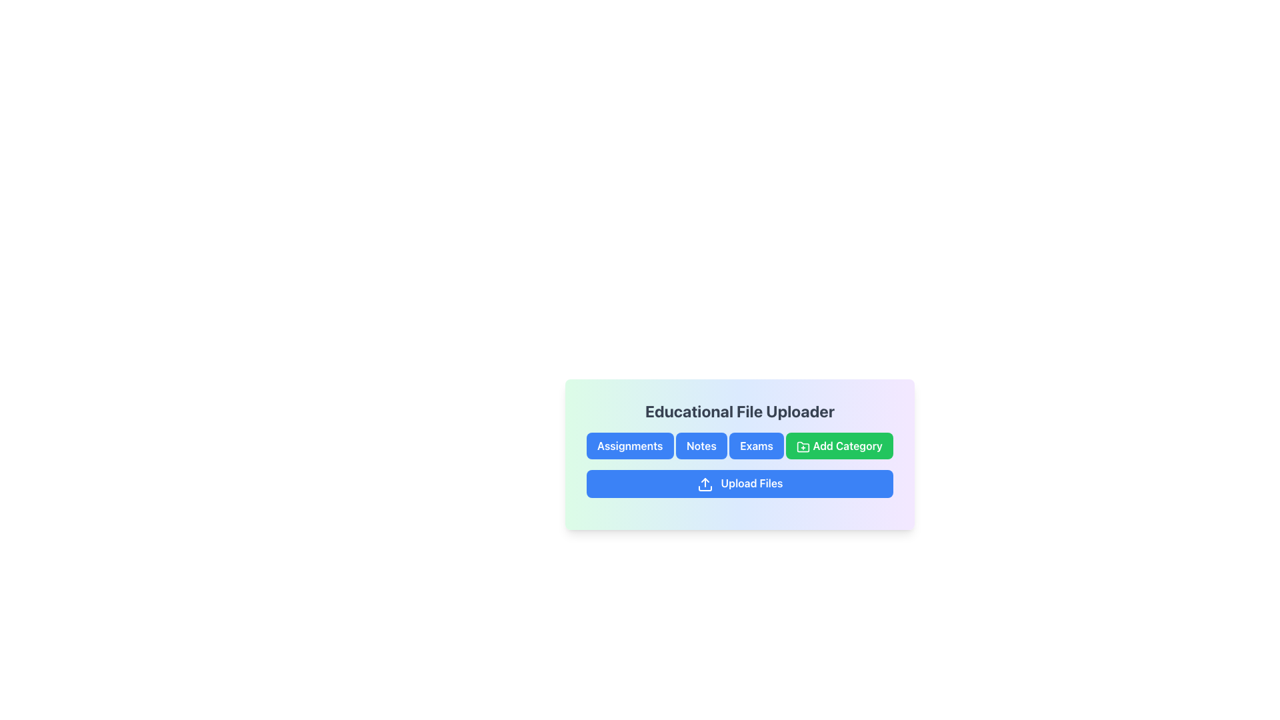  I want to click on the second button in the row of interactive buttons located below 'Educational File Uploader', so click(701, 445).